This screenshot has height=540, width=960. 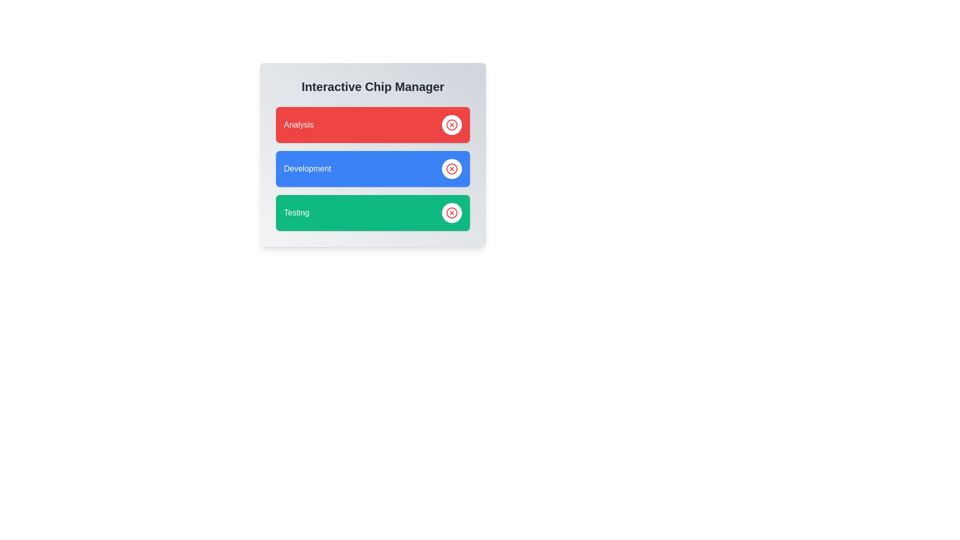 I want to click on close button on the 'Testing' chip to remove it, so click(x=451, y=212).